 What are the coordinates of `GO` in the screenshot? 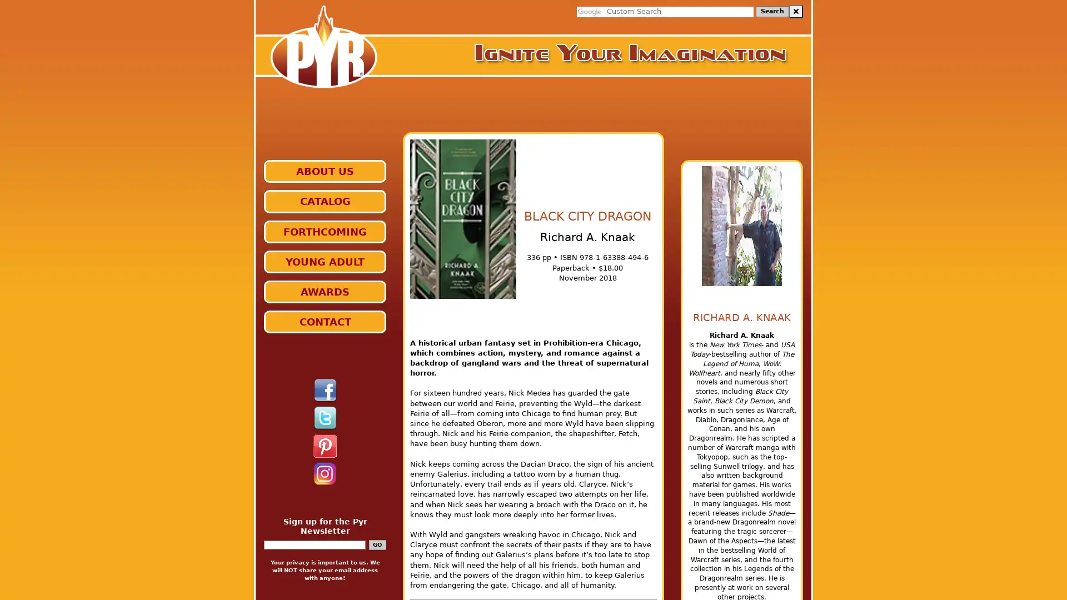 It's located at (377, 543).